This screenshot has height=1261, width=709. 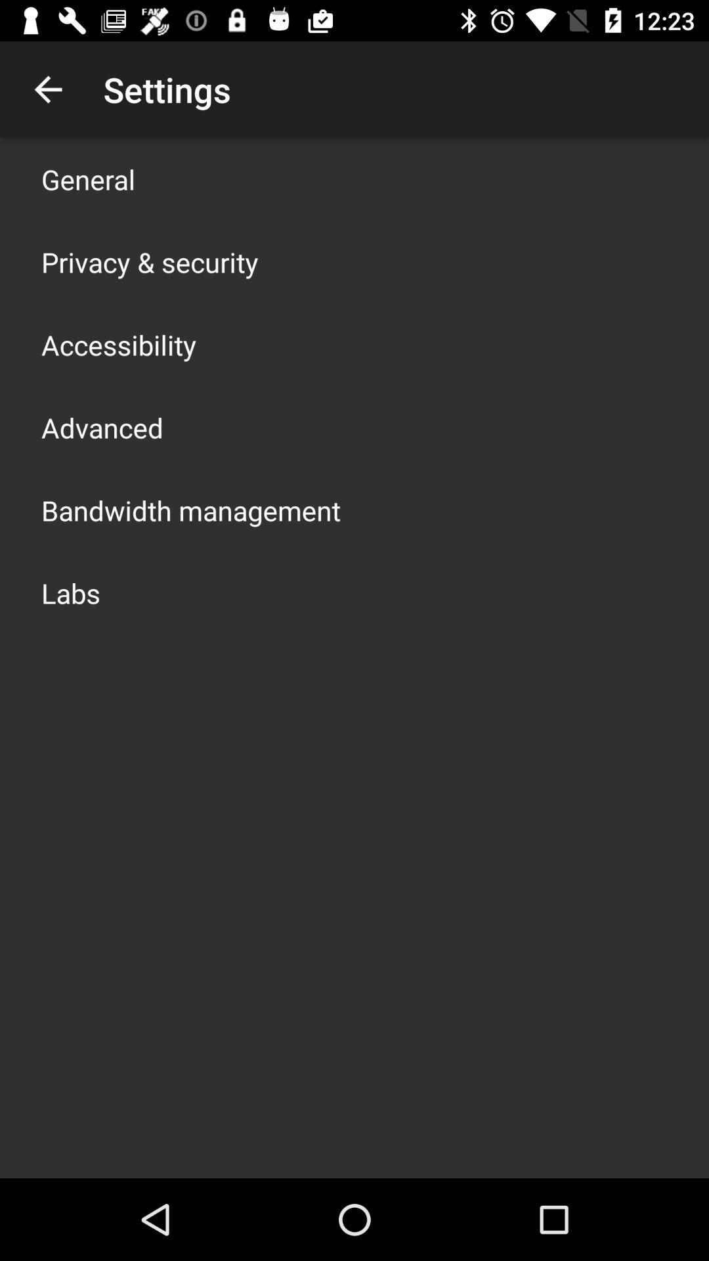 What do you see at coordinates (149, 261) in the screenshot?
I see `the privacy & security item` at bounding box center [149, 261].